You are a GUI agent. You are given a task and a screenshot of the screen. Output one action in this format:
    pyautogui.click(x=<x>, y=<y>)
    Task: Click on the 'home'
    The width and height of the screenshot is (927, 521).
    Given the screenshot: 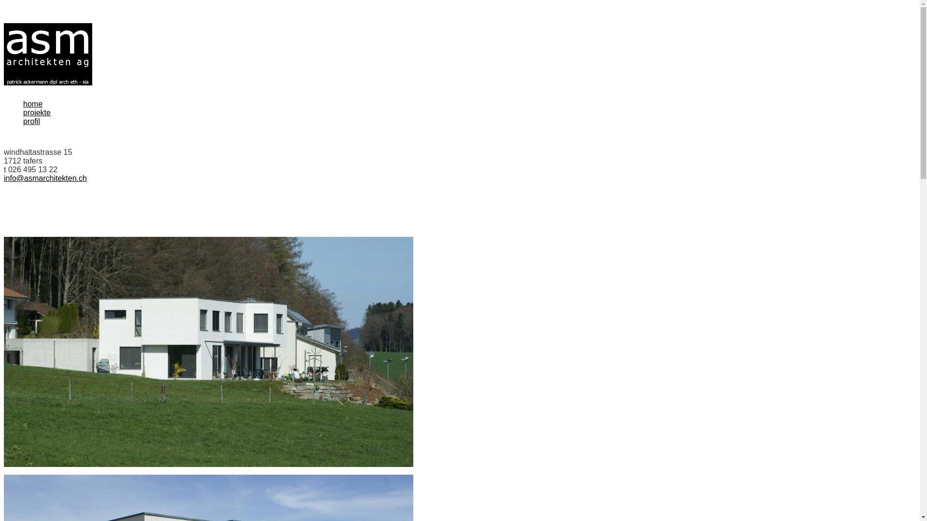 What is the action you would take?
    pyautogui.click(x=32, y=104)
    